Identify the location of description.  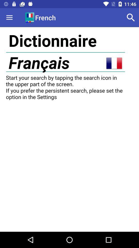
(69, 129).